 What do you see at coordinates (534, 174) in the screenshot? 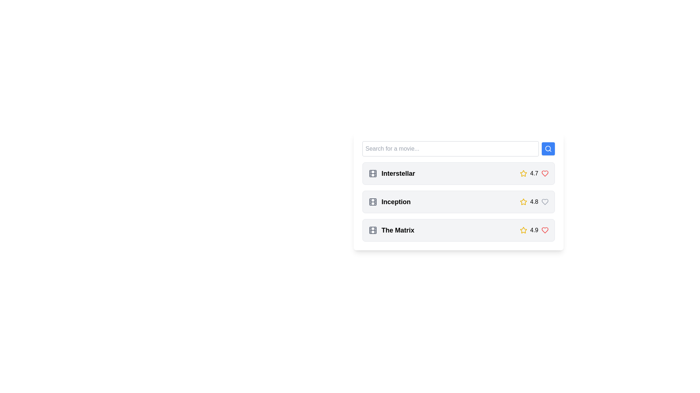
I see `the numerical text label displaying '4.7' in bold, located in the movie listing interface for 'Interstellar', positioned between a star icon on the left and a heart icon on the right` at bounding box center [534, 174].